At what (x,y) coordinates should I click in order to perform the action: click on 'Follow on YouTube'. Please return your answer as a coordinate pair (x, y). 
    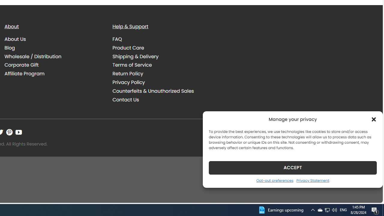
    Looking at the image, I should click on (19, 132).